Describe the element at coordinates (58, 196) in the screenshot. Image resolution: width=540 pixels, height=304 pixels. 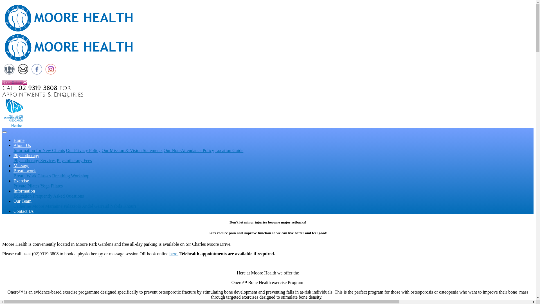
I see `'Frequently Asked Questions'` at that location.